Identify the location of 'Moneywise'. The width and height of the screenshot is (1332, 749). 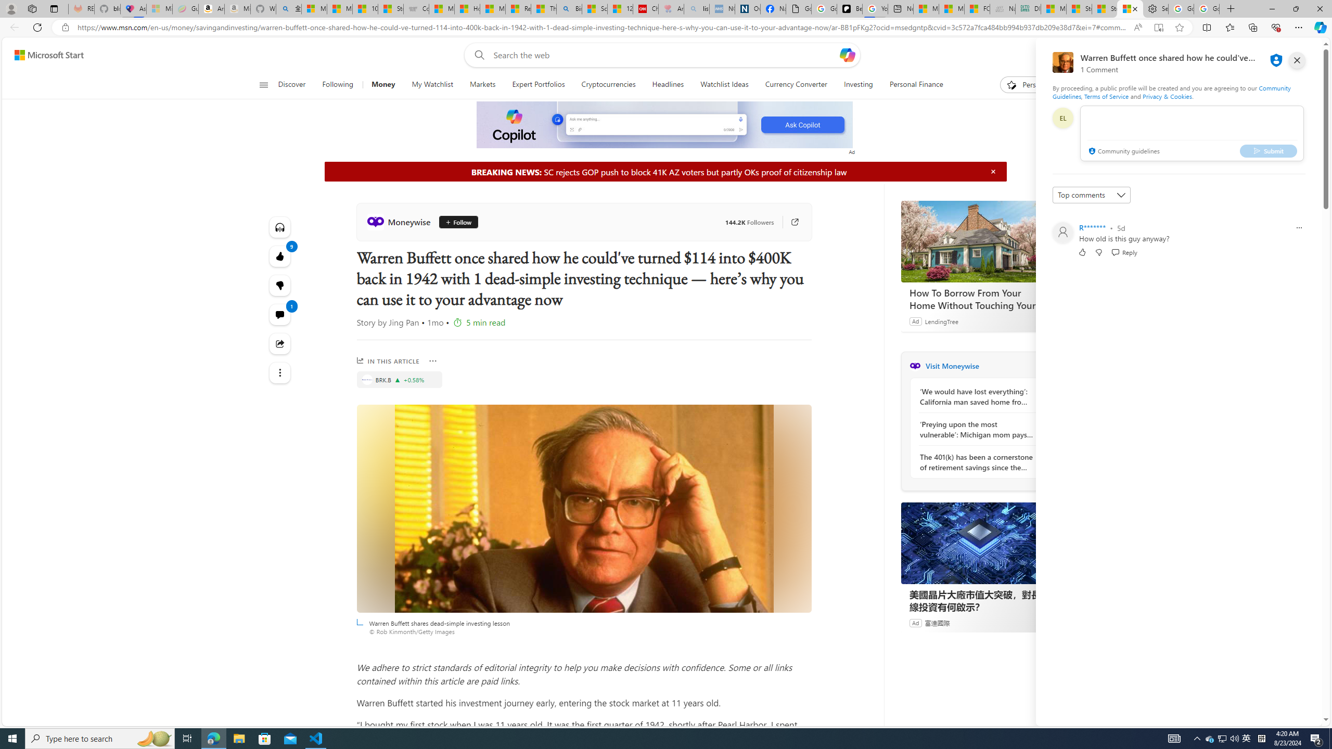
(401, 221).